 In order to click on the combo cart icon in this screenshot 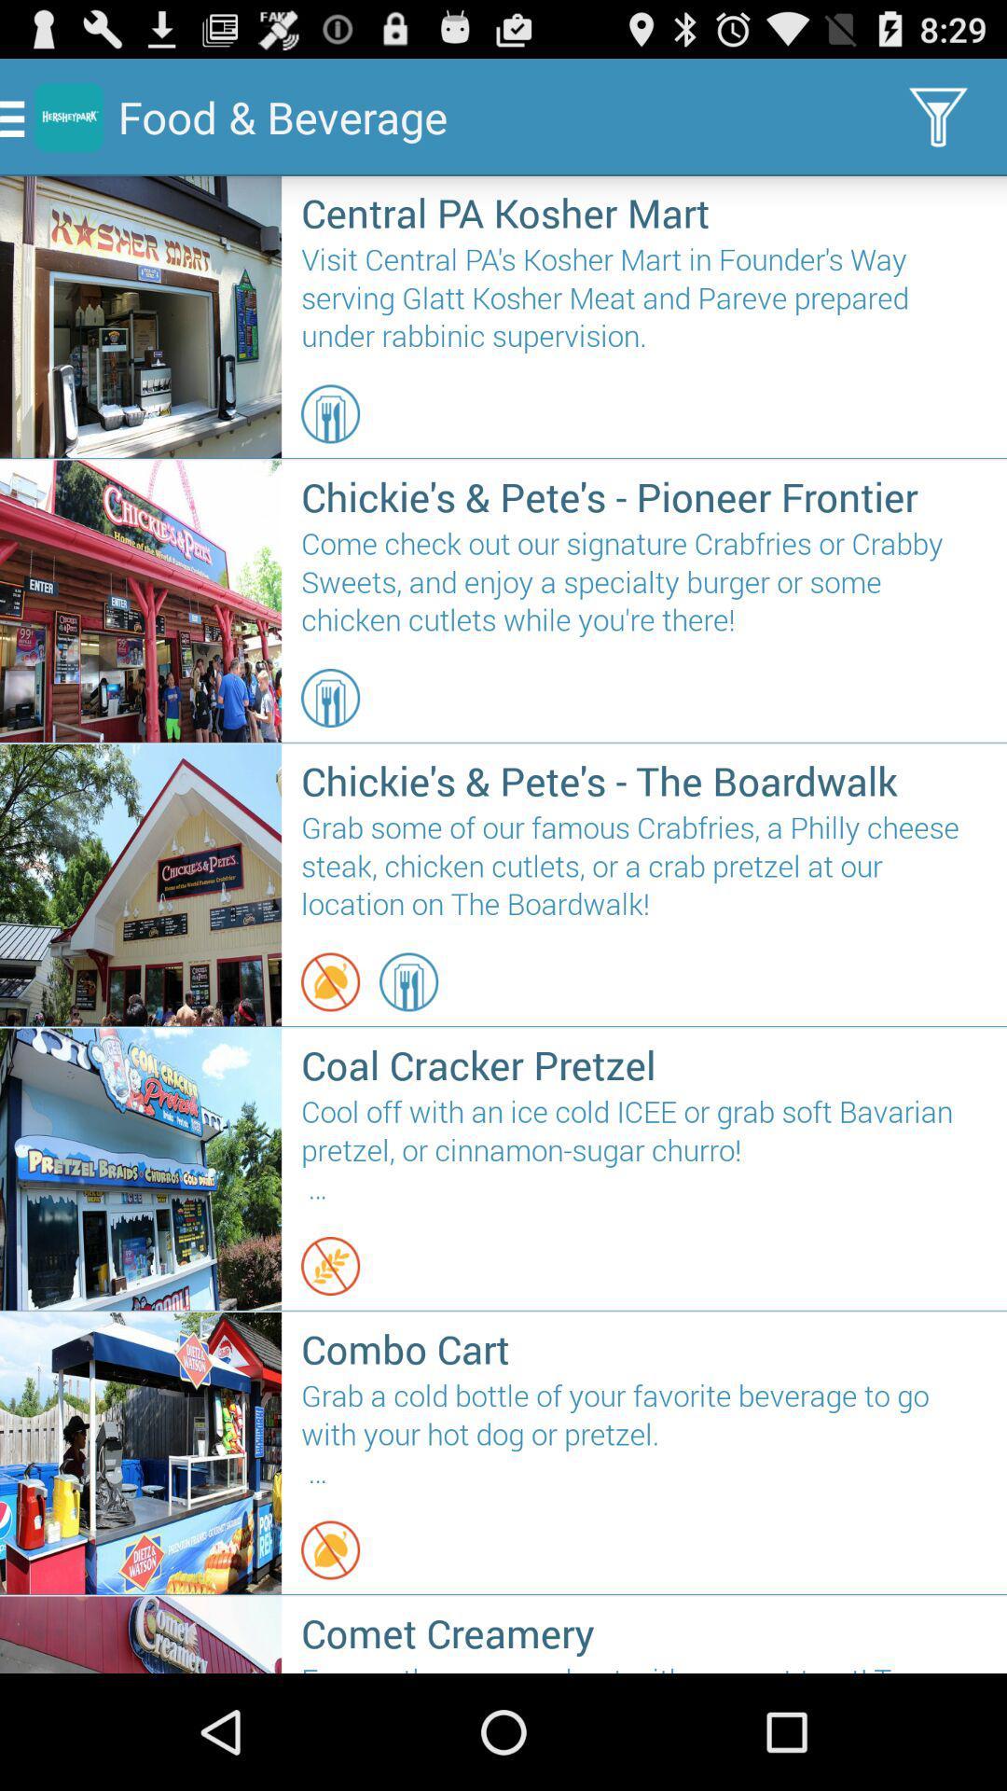, I will do `click(643, 1348)`.